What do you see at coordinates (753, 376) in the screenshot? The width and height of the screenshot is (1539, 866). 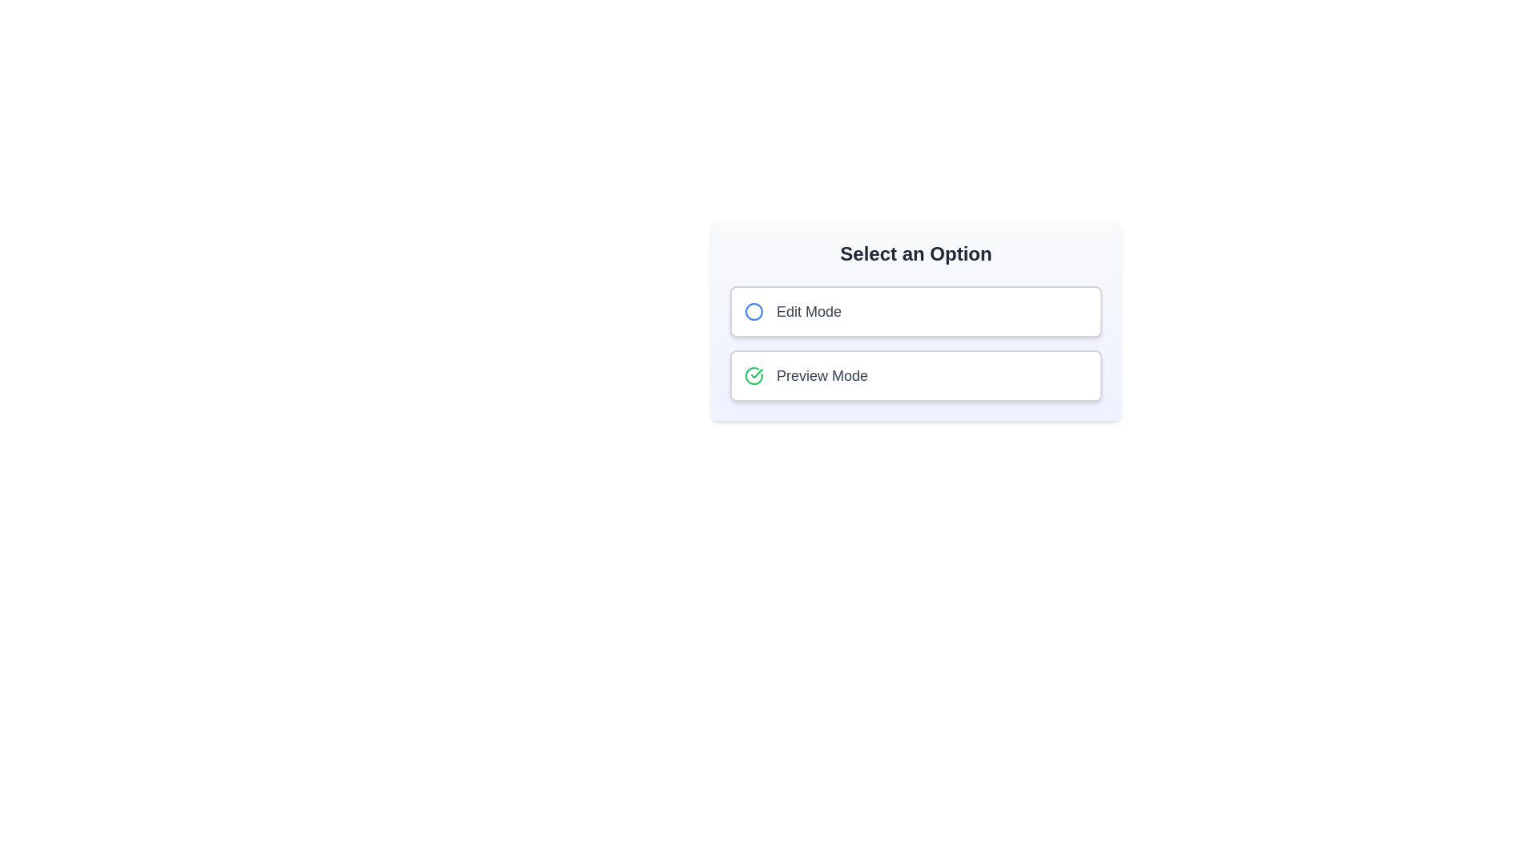 I see `the circular green checkmark icon located to the left of the 'Preview Mode' text label, which serves as a confirmation indicator` at bounding box center [753, 376].